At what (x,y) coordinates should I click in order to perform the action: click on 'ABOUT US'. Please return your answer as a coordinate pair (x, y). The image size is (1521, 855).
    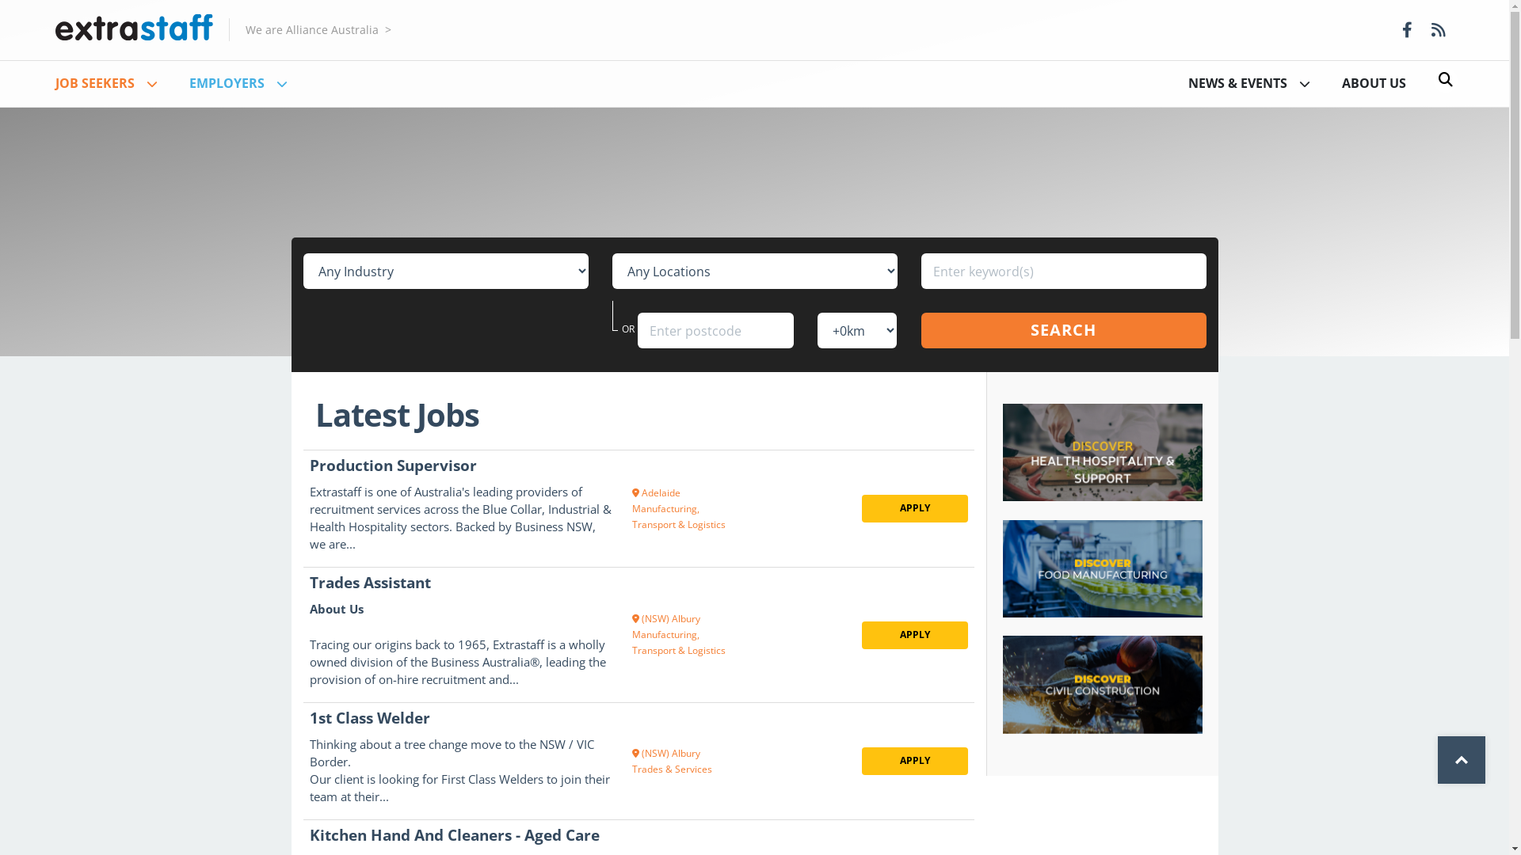
    Looking at the image, I should click on (1373, 83).